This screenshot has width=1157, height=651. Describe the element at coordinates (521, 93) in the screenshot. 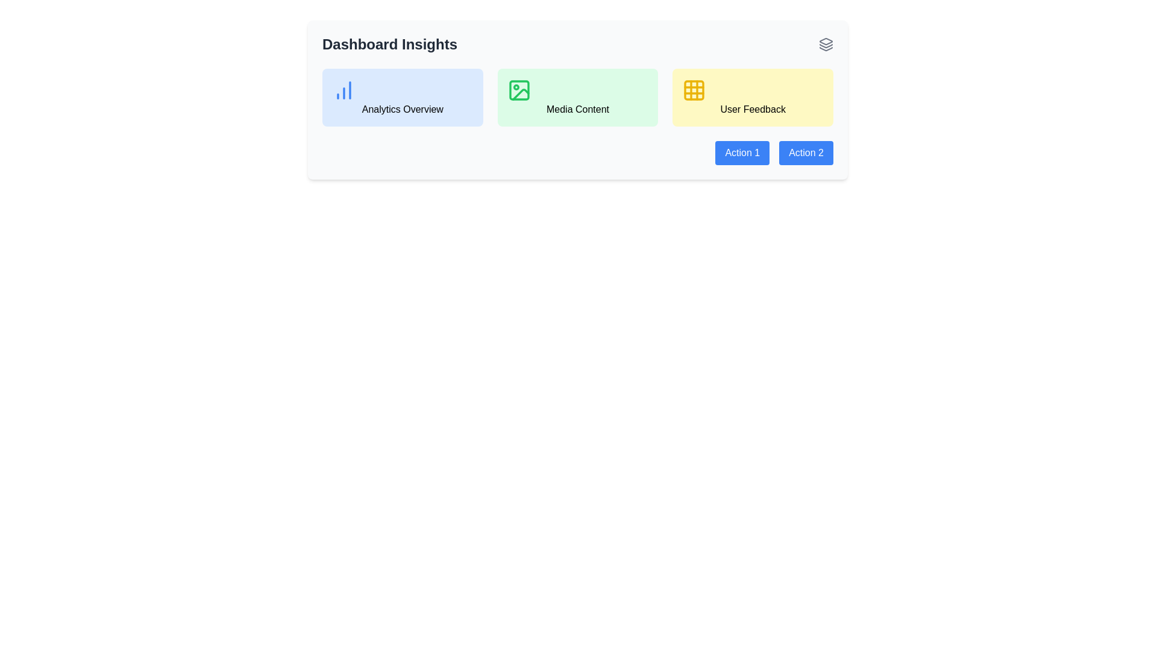

I see `the graphical icon representing media content within the 'Media Content' card to indirectly interact with this section` at that location.